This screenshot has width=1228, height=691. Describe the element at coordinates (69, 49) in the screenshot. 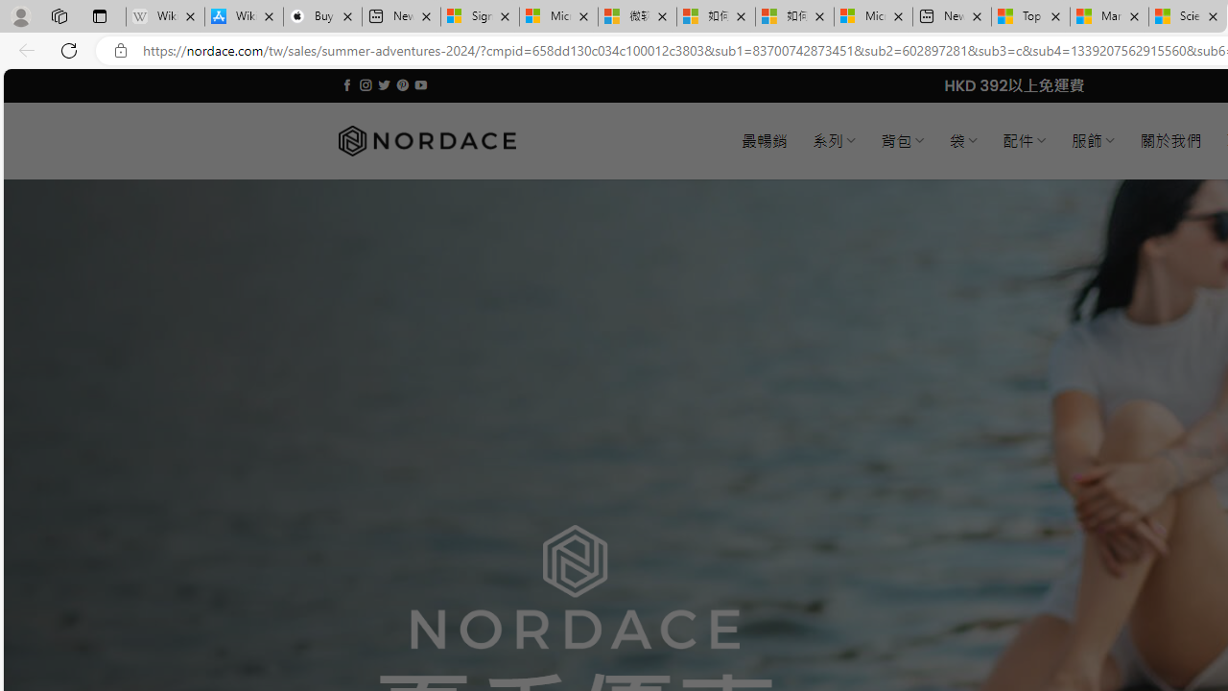

I see `'Refresh'` at that location.